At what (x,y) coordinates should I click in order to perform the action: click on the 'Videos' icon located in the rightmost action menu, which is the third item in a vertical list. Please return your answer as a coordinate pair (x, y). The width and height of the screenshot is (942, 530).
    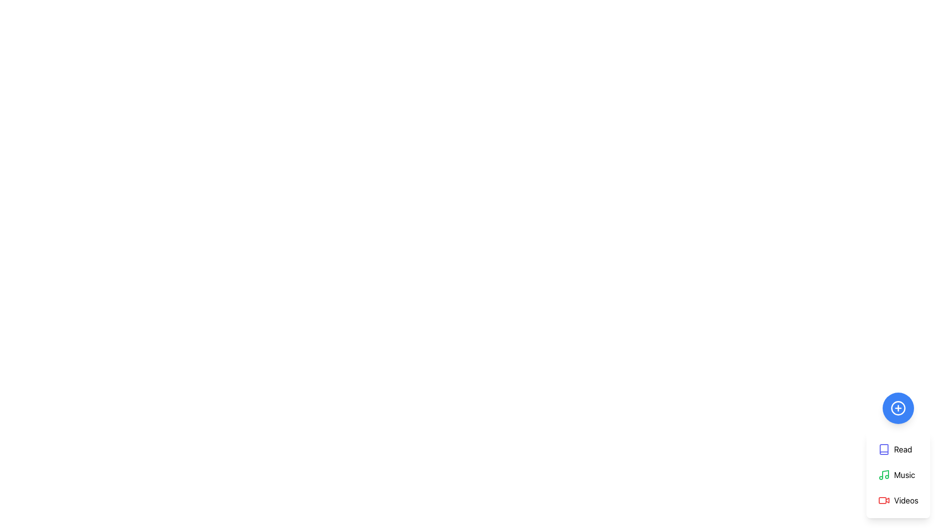
    Looking at the image, I should click on (884, 500).